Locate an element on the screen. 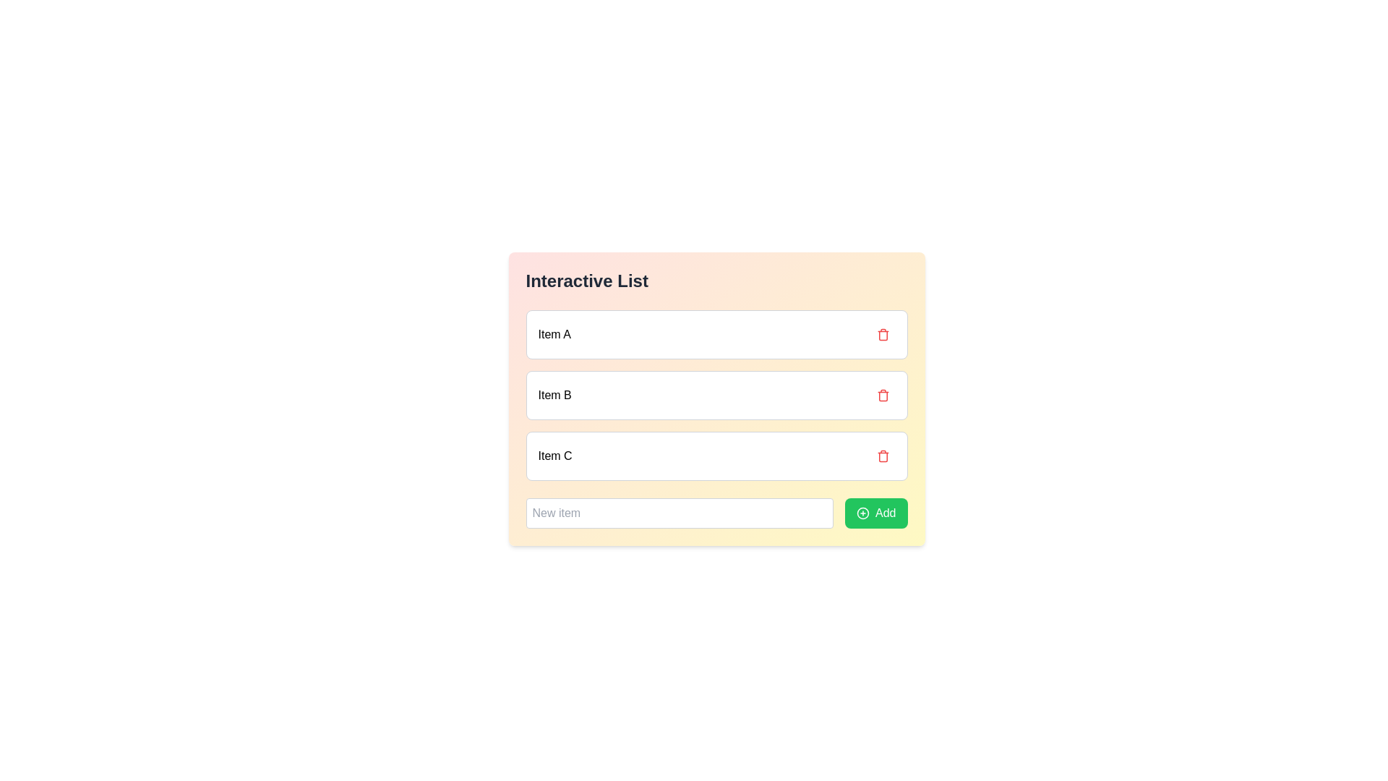 This screenshot has width=1388, height=781. the green rectangular button labeled 'Add', which is positioned to the right of the 'New item' input field is located at coordinates (875, 512).